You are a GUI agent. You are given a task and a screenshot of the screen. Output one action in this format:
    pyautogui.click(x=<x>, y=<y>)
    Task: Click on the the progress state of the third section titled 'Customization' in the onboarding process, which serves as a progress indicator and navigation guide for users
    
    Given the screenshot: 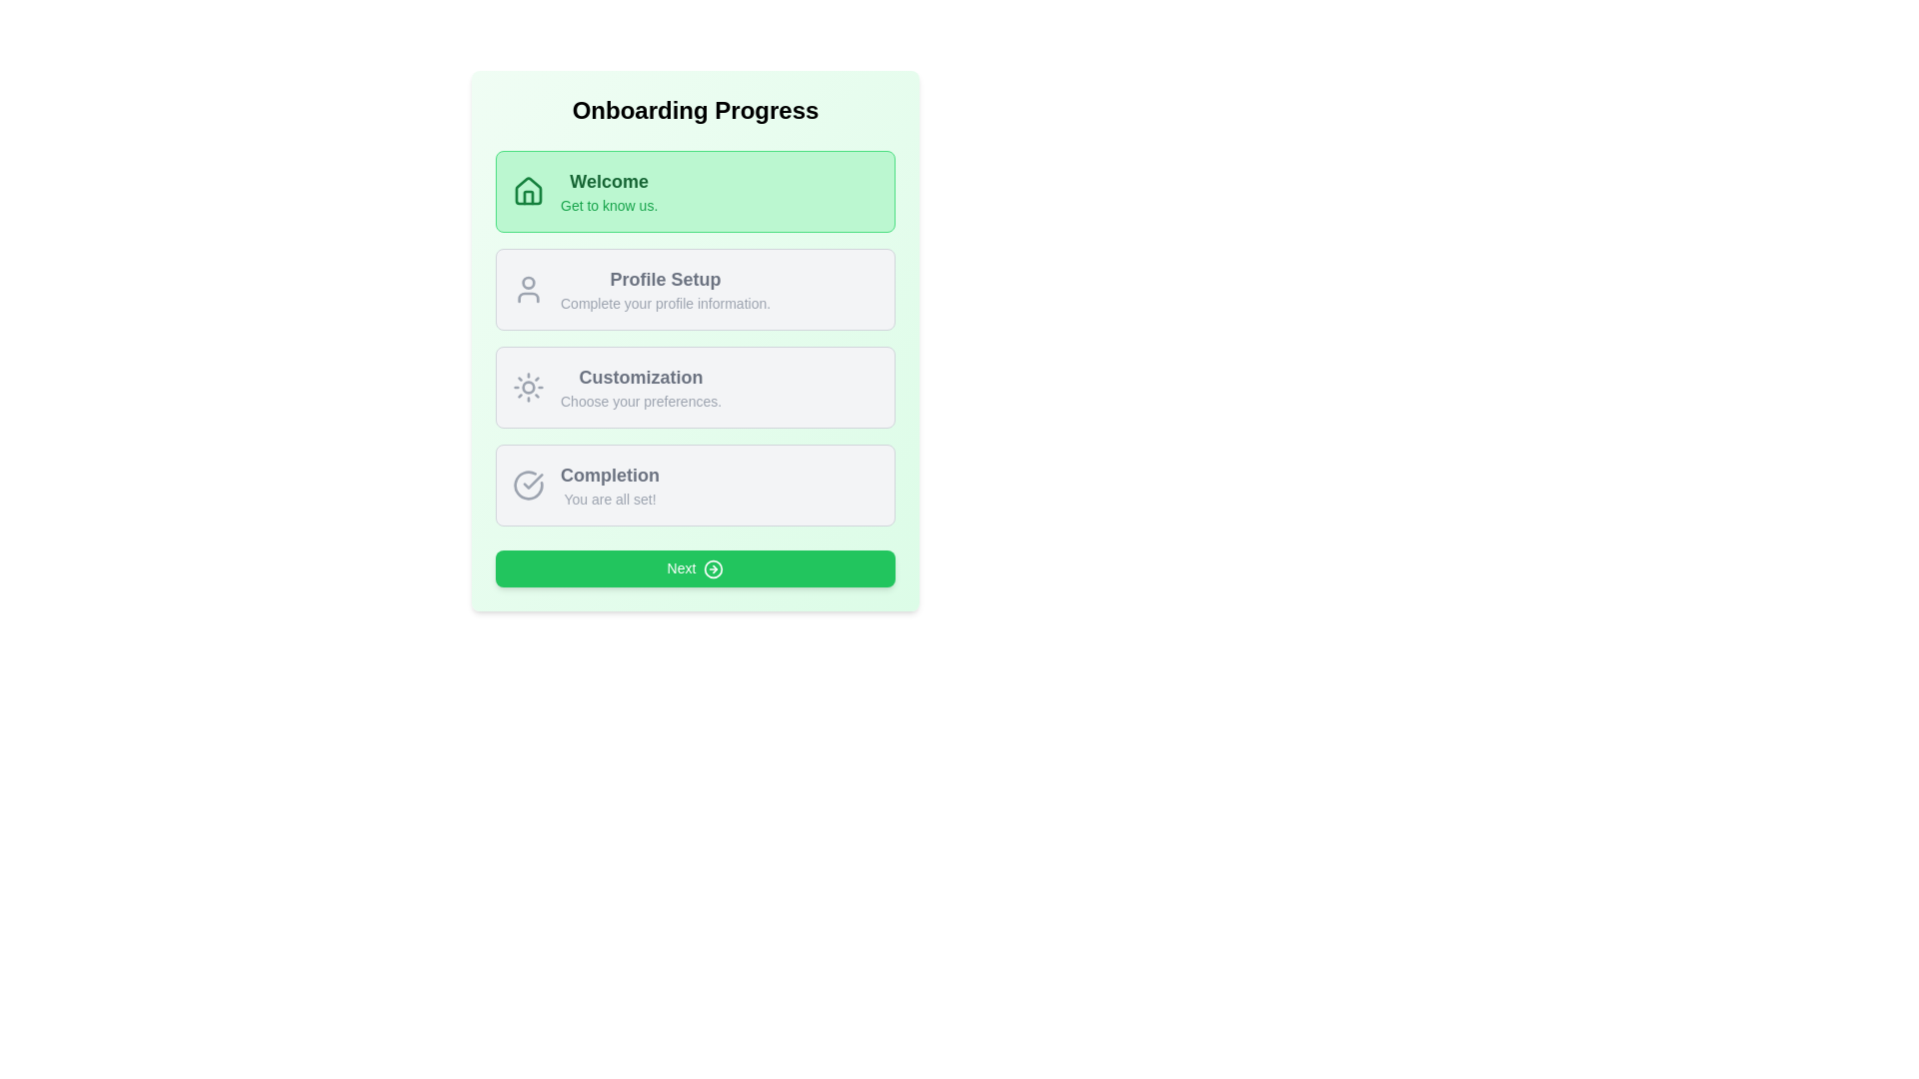 What is the action you would take?
    pyautogui.click(x=696, y=338)
    